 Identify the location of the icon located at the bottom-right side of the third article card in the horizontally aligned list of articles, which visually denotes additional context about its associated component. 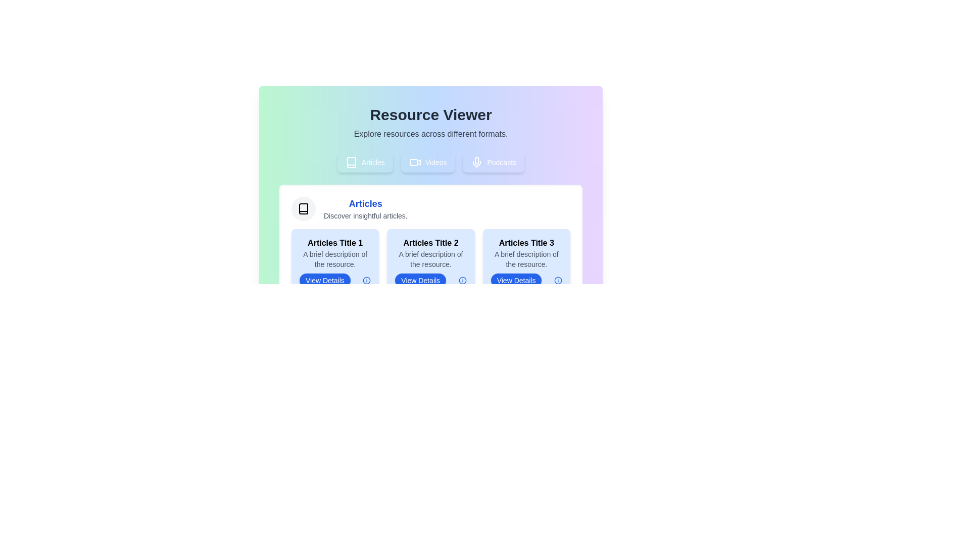
(366, 280).